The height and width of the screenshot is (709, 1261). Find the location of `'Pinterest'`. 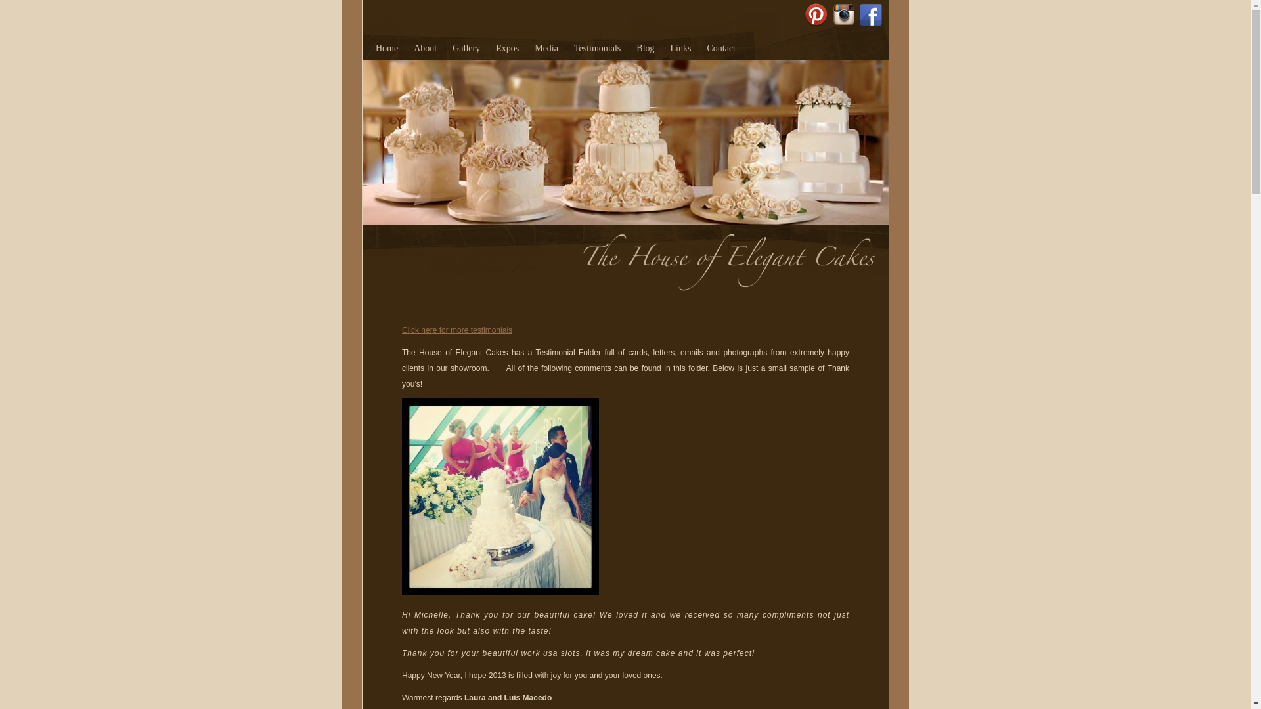

'Pinterest' is located at coordinates (816, 7).